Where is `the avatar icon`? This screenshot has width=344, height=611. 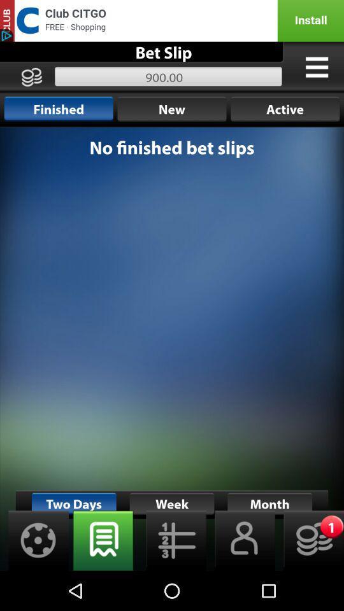 the avatar icon is located at coordinates (241, 579).